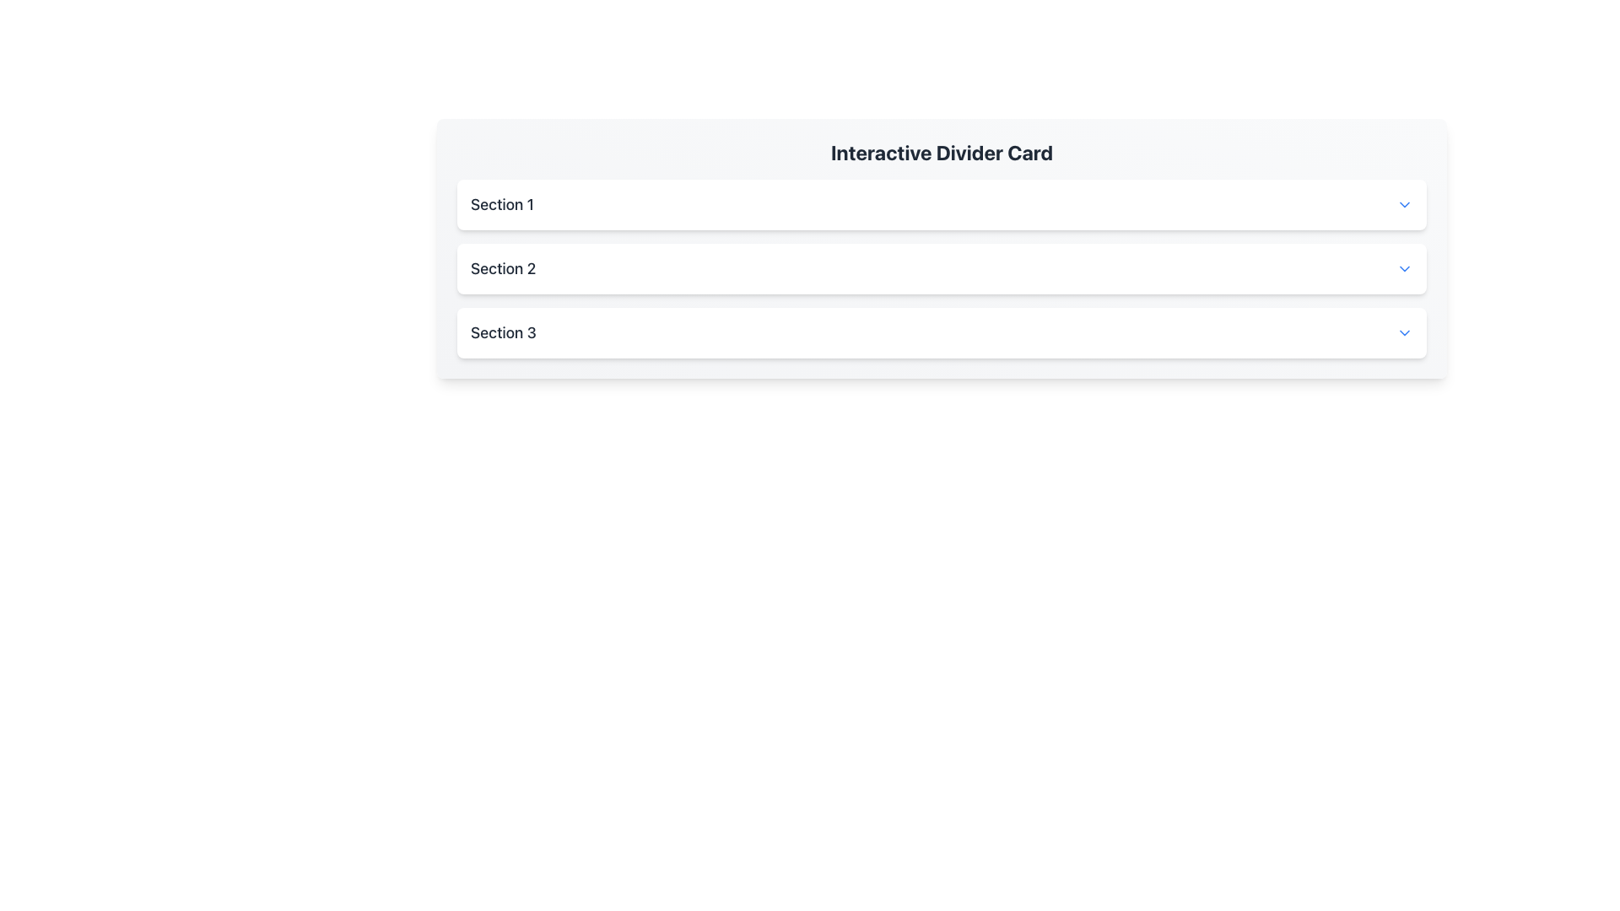 This screenshot has height=911, width=1620. Describe the element at coordinates (941, 268) in the screenshot. I see `the second card in the vertical stack of three cards to trigger potential visual feedback related to 'Section 2'` at that location.